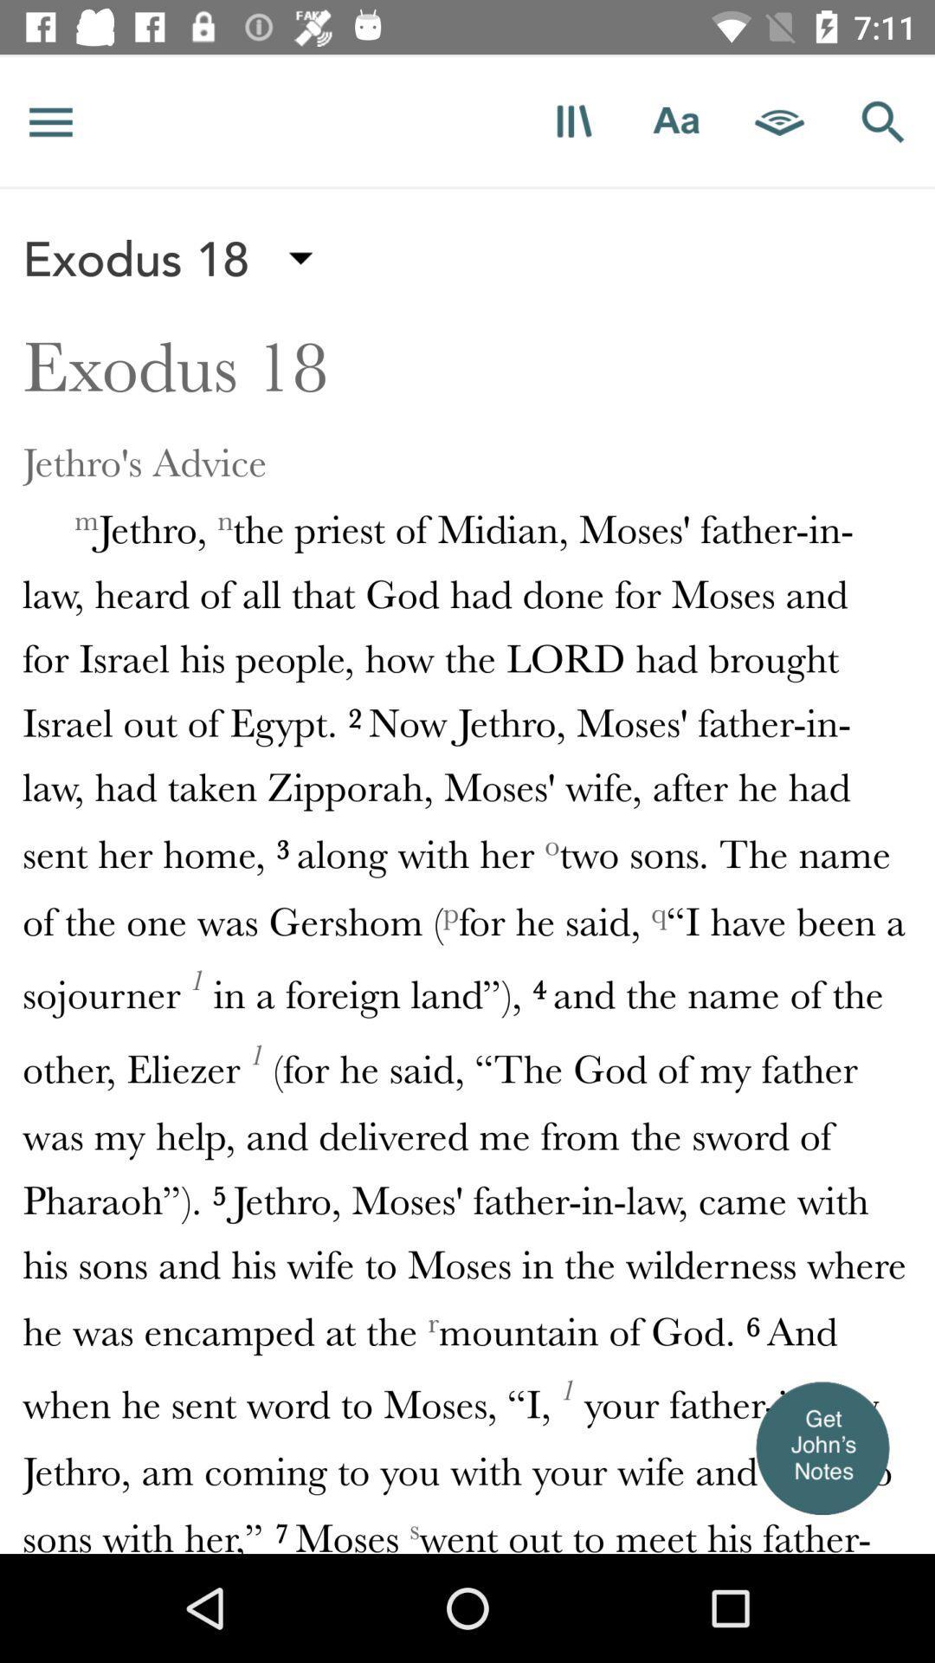  Describe the element at coordinates (573, 120) in the screenshot. I see `read scripture` at that location.